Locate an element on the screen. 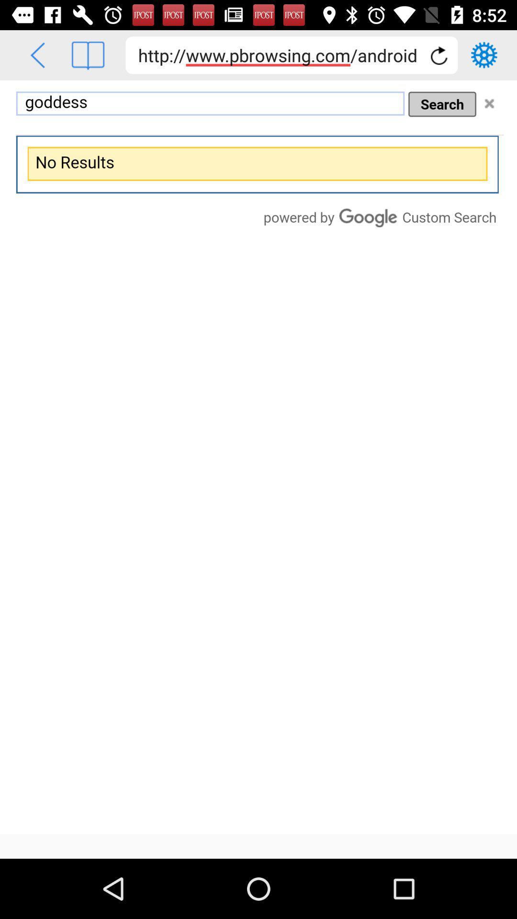 The width and height of the screenshot is (517, 919). view layout is located at coordinates (88, 55).